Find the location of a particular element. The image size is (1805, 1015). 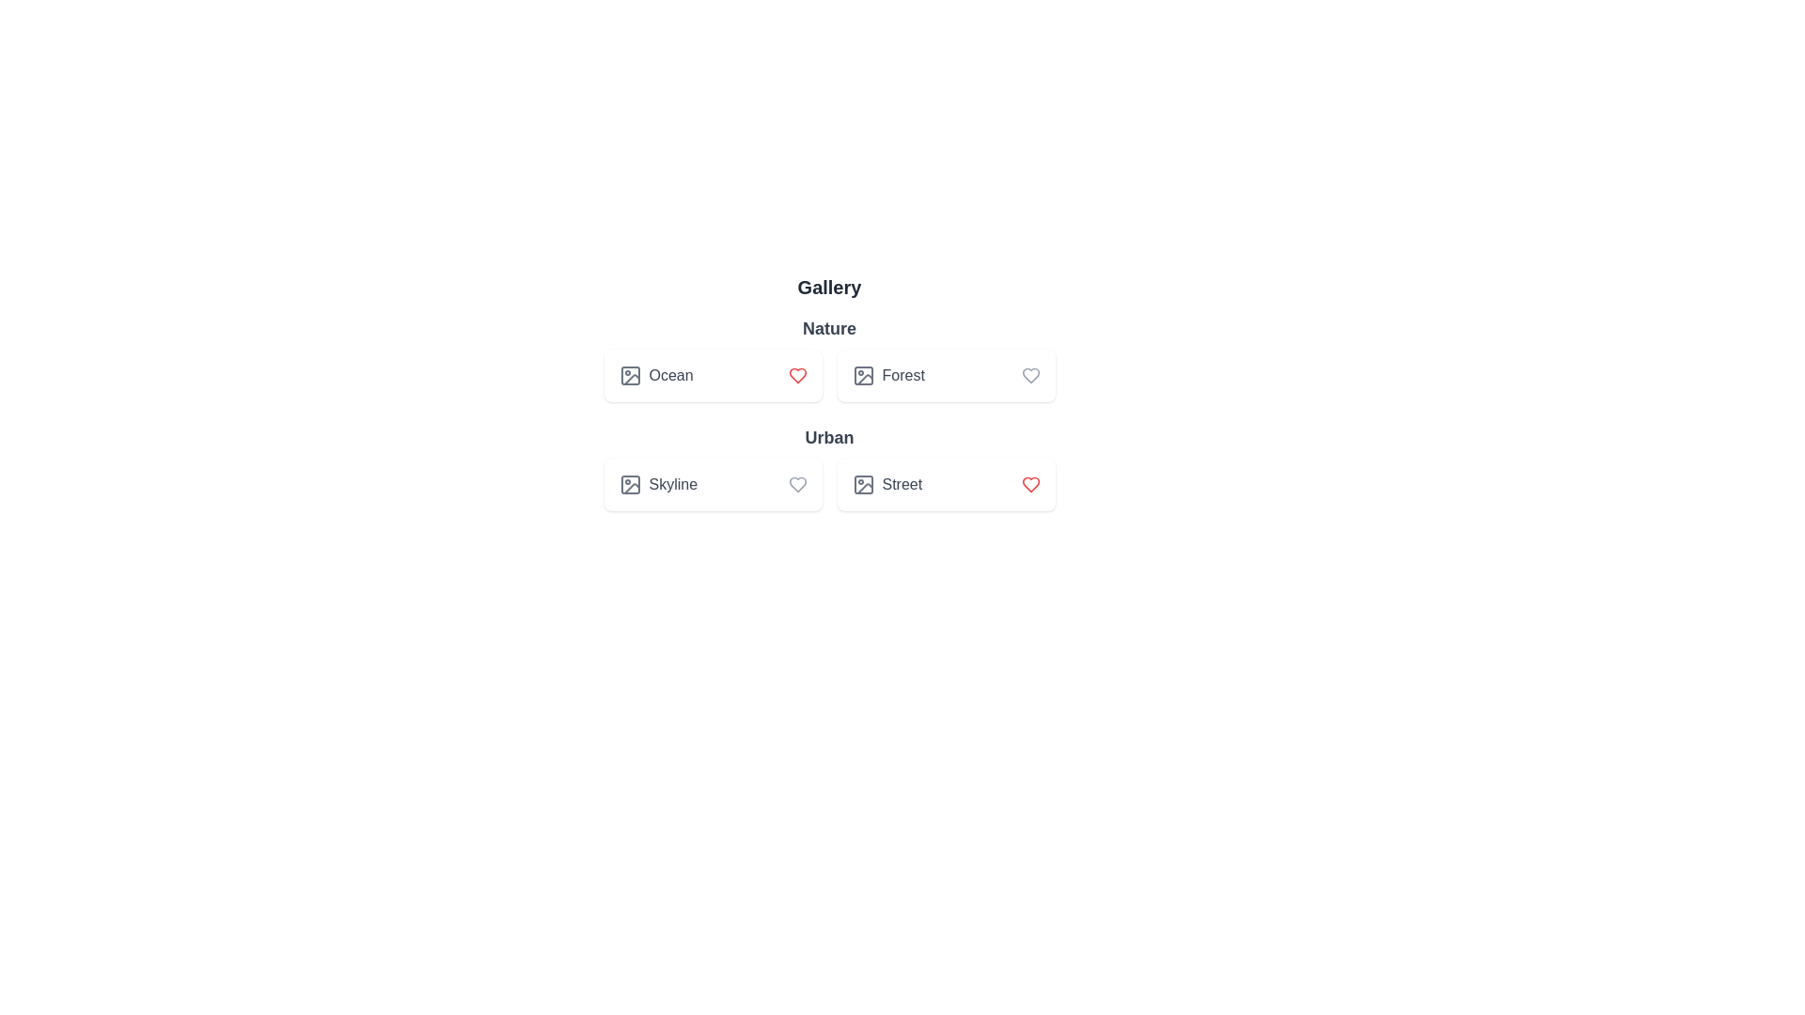

the 'Heart' icon of the item labeled Street to toggle its 'favorite' status is located at coordinates (1029, 484).